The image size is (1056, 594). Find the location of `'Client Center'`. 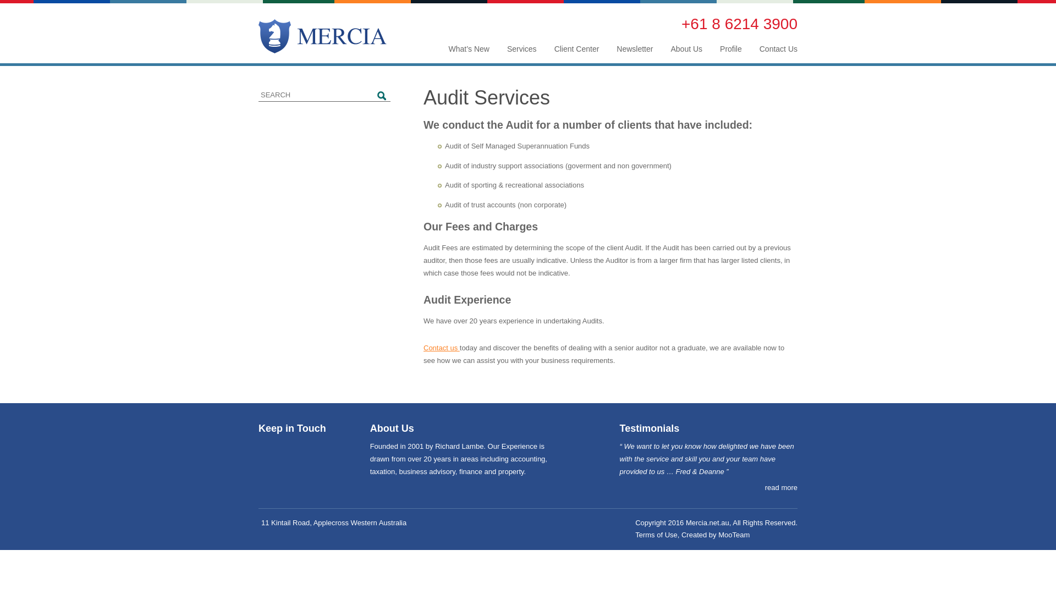

'Client Center' is located at coordinates (576, 48).